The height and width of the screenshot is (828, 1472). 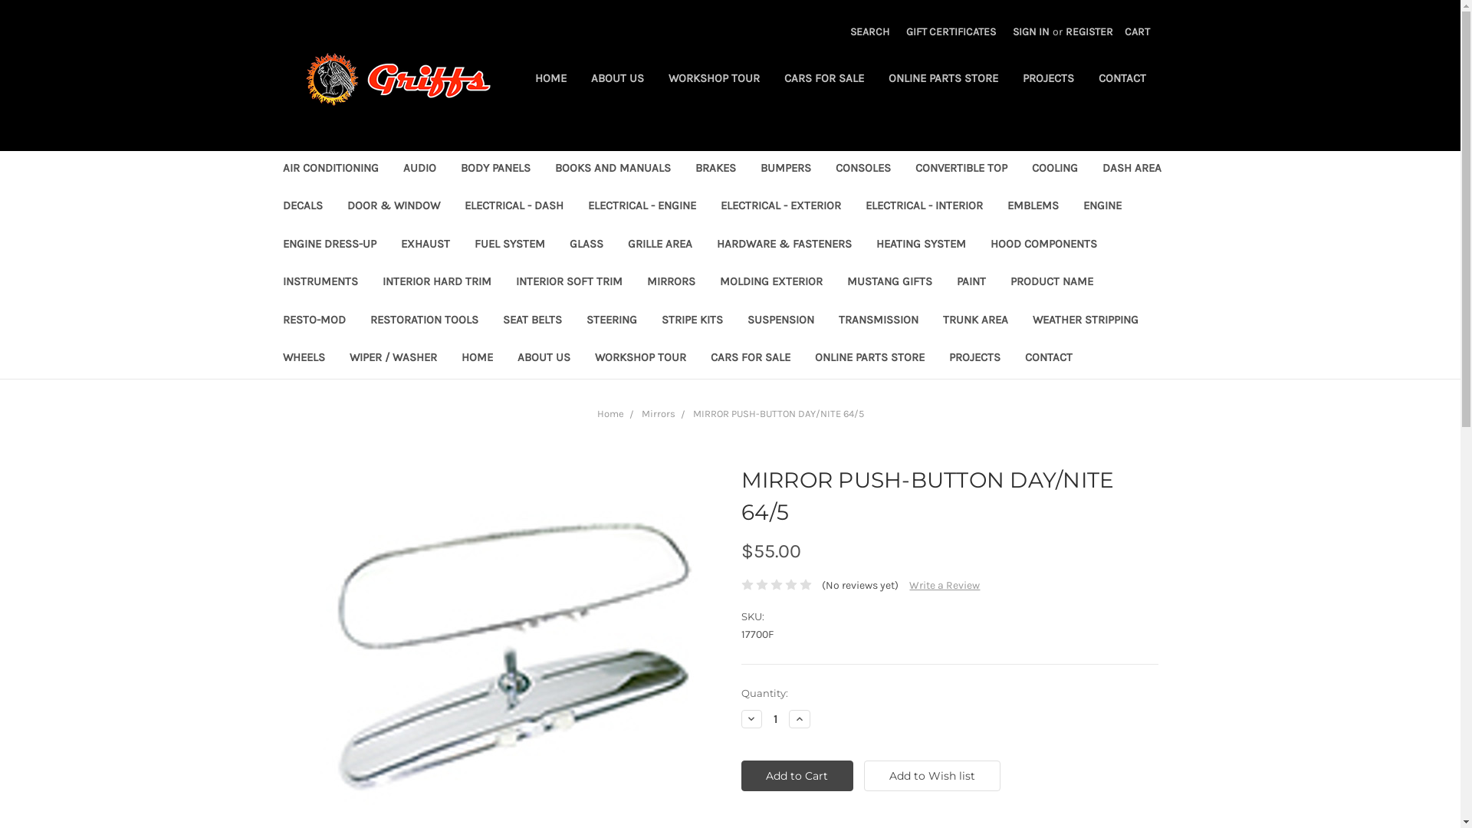 I want to click on 'Griffs', so click(x=397, y=79).